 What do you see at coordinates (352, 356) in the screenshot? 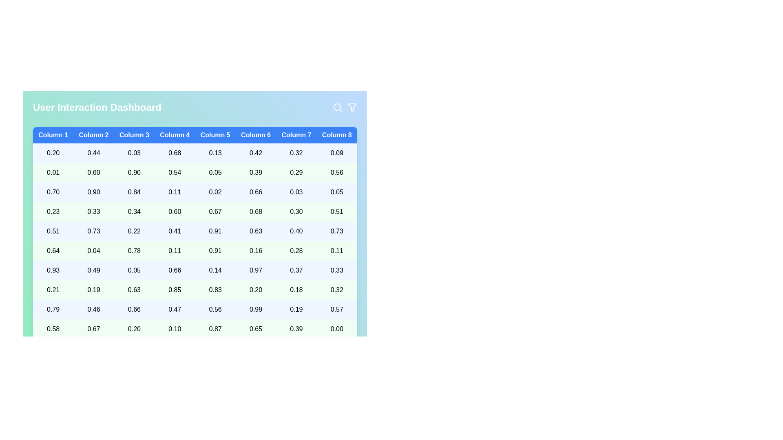
I see `the ChevronDown icon in the footer to trigger its associated action` at bounding box center [352, 356].